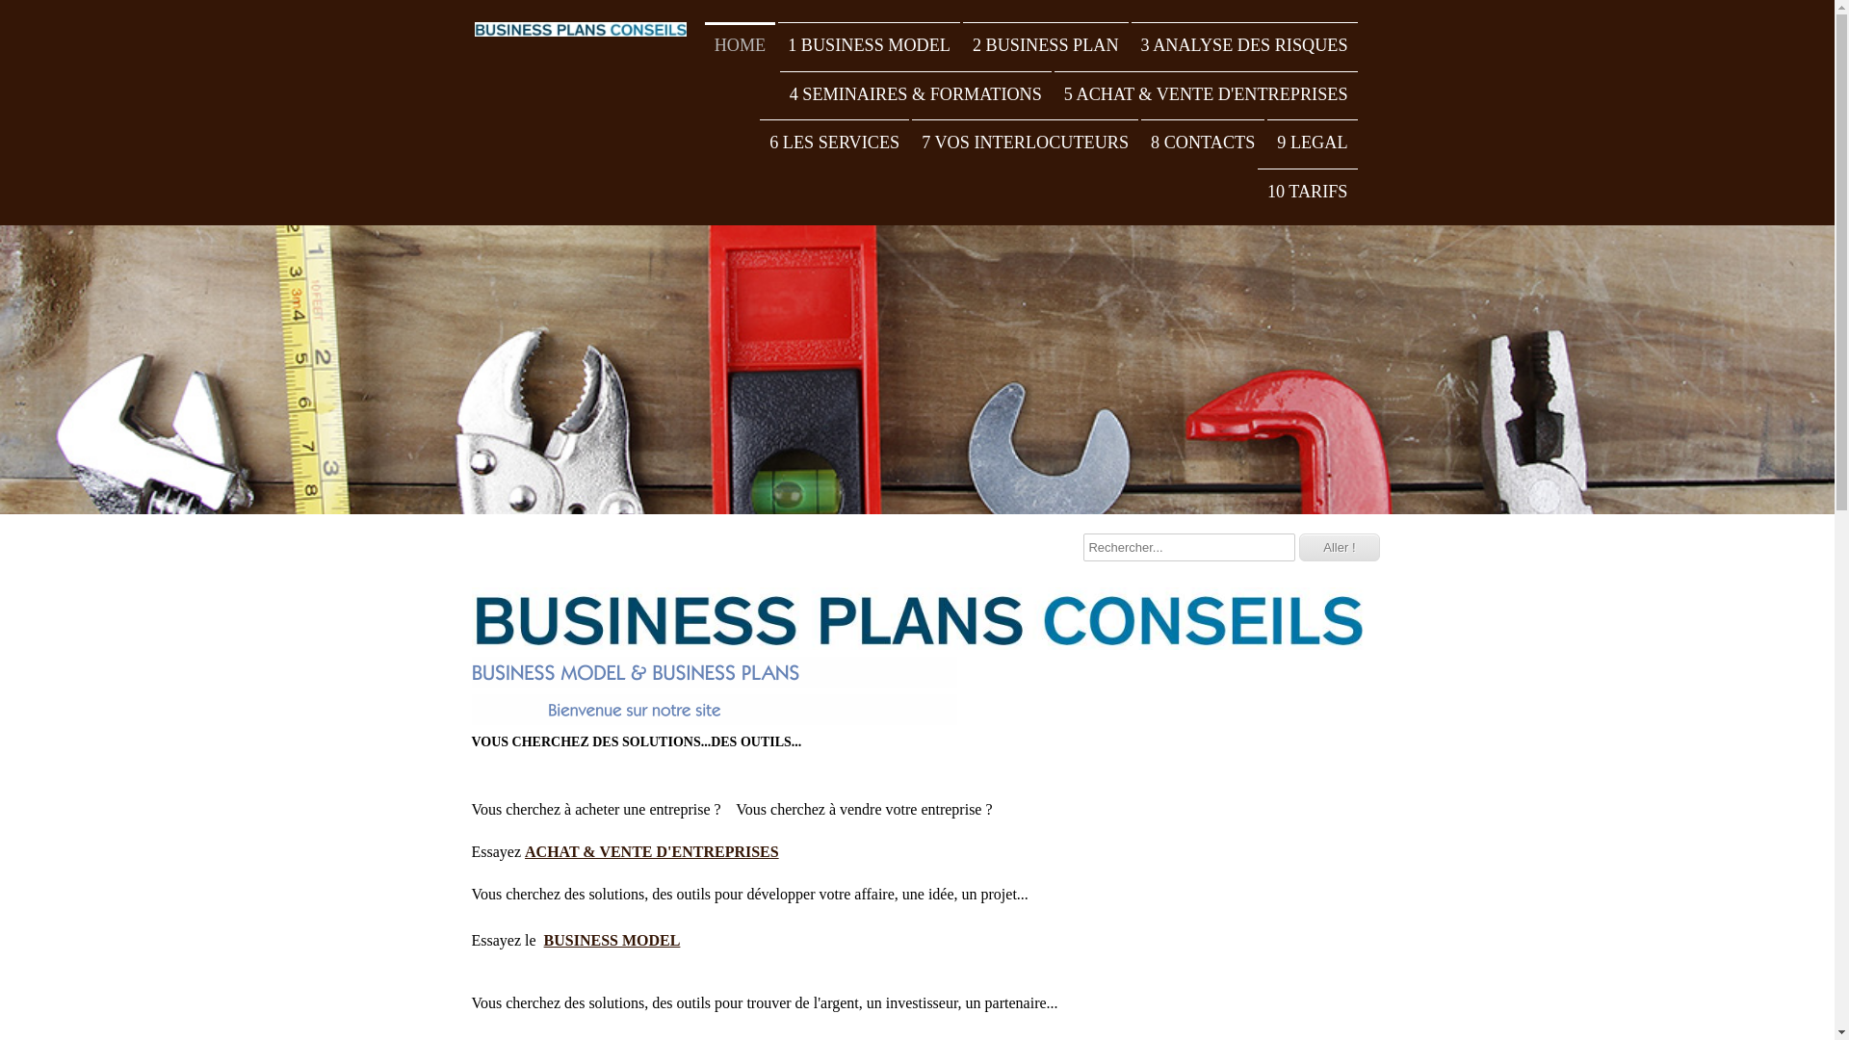  Describe the element at coordinates (611, 939) in the screenshot. I see `'BUSINESS MODEL'` at that location.